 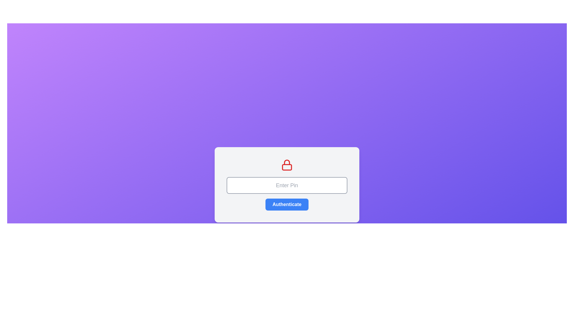 I want to click on the Password input field, which is a rectangular field with rounded corners displaying 'Enter Pin', located in the middle of a white card-like box on a gradient purple background, so click(x=287, y=185).